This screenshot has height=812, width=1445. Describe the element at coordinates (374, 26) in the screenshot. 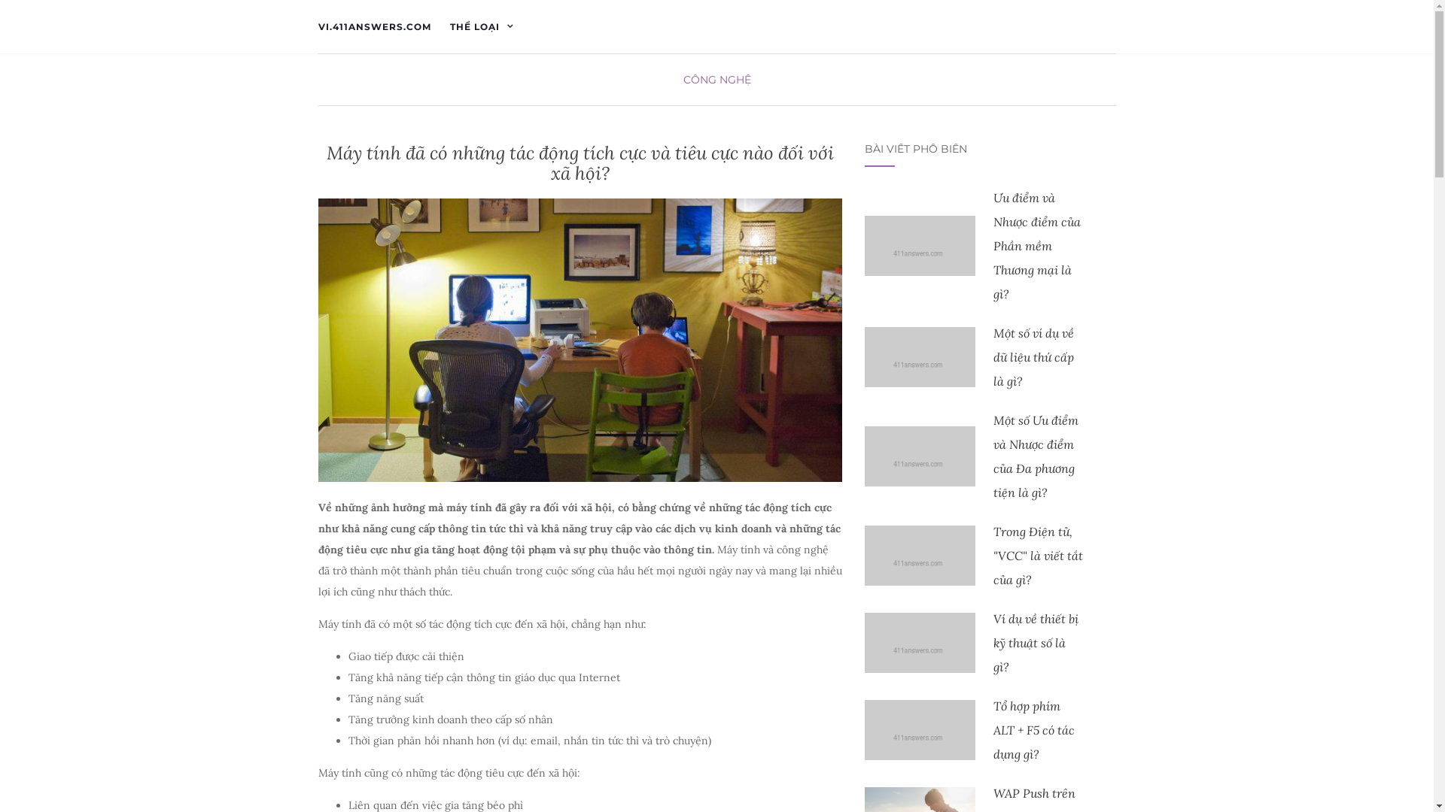

I see `'VI.411ANSWERS.COM'` at that location.